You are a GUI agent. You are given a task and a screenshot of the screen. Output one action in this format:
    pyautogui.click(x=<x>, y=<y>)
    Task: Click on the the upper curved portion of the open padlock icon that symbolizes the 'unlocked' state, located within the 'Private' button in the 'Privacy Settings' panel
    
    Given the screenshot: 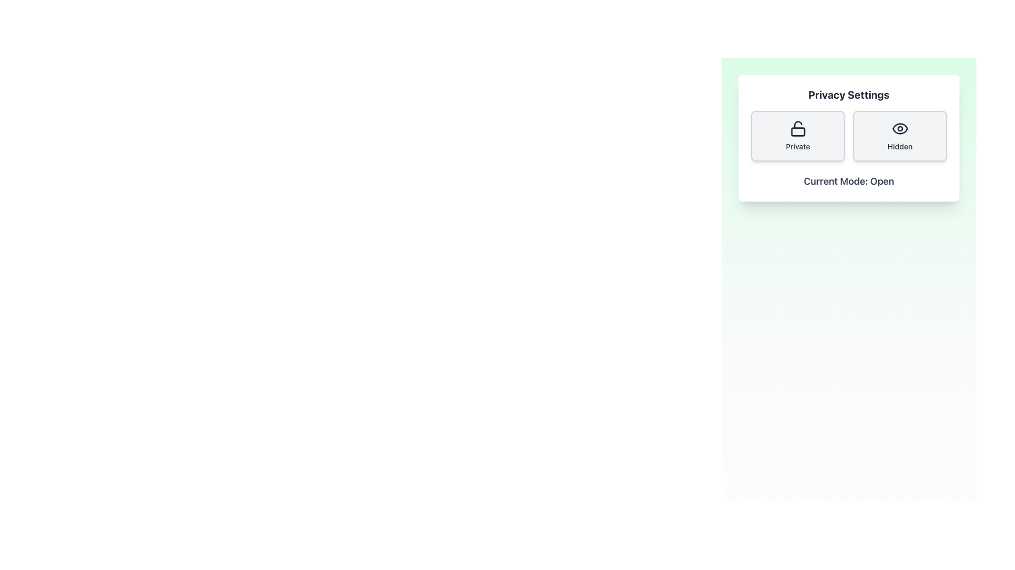 What is the action you would take?
    pyautogui.click(x=798, y=124)
    